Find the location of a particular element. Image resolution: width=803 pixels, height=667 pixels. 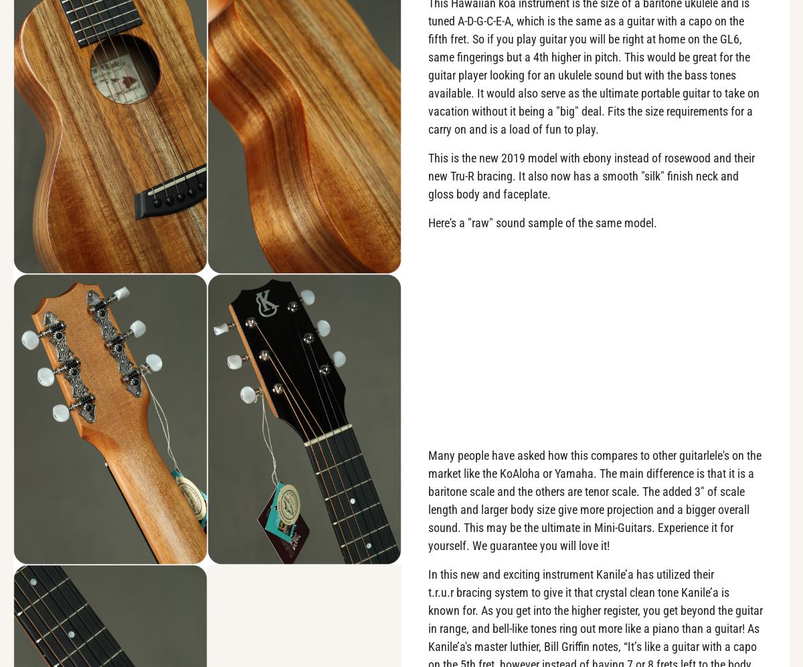

'Basic Quality Control:' is located at coordinates (86, 56).